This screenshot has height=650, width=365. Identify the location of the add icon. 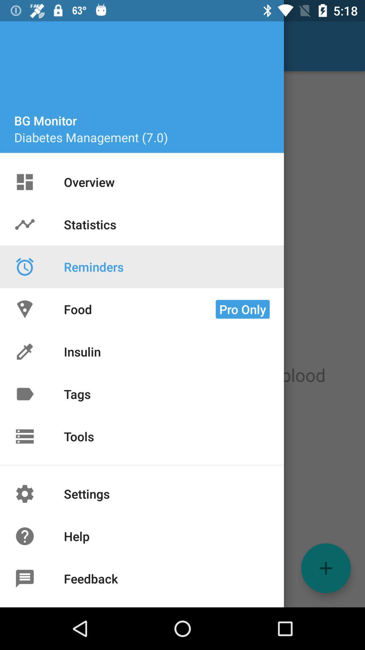
(325, 568).